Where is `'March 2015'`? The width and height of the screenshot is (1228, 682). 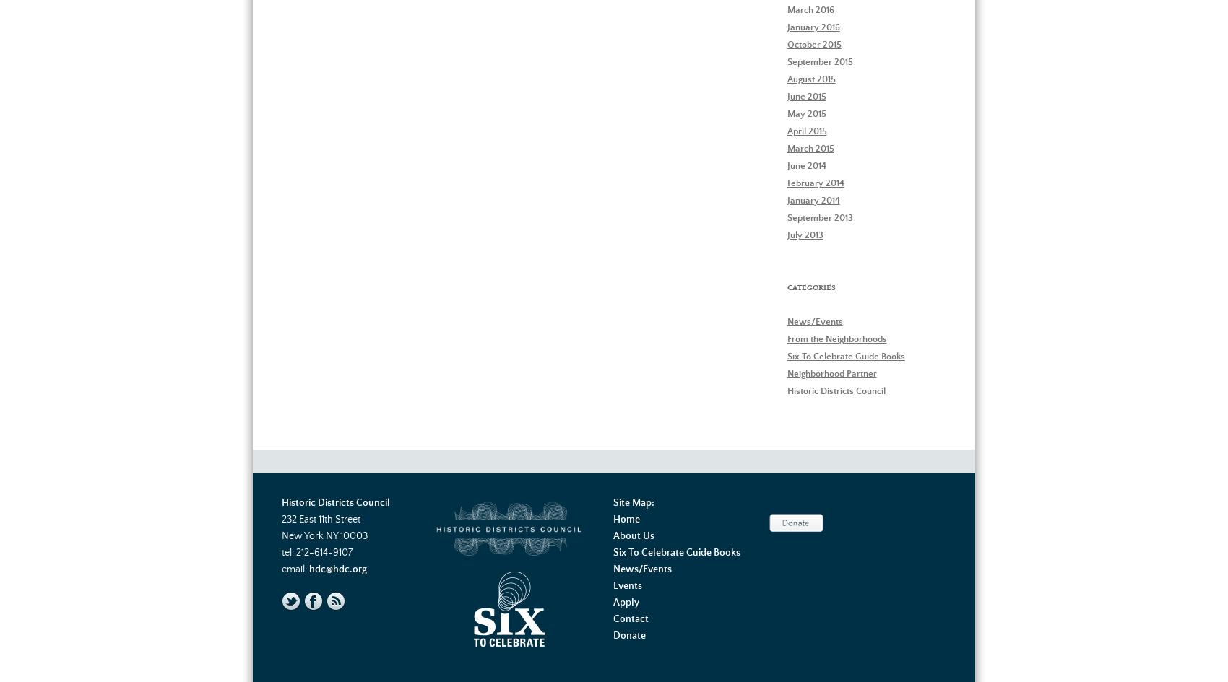
'March 2015' is located at coordinates (810, 147).